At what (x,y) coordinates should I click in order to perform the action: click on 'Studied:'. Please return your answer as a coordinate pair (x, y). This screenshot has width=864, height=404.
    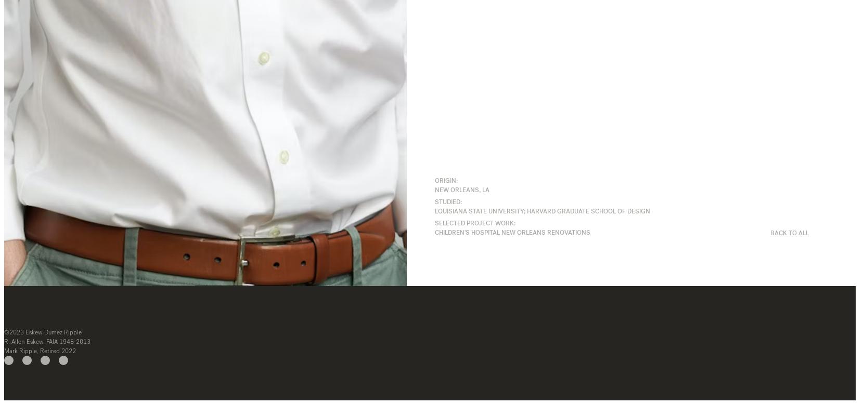
    Looking at the image, I should click on (434, 200).